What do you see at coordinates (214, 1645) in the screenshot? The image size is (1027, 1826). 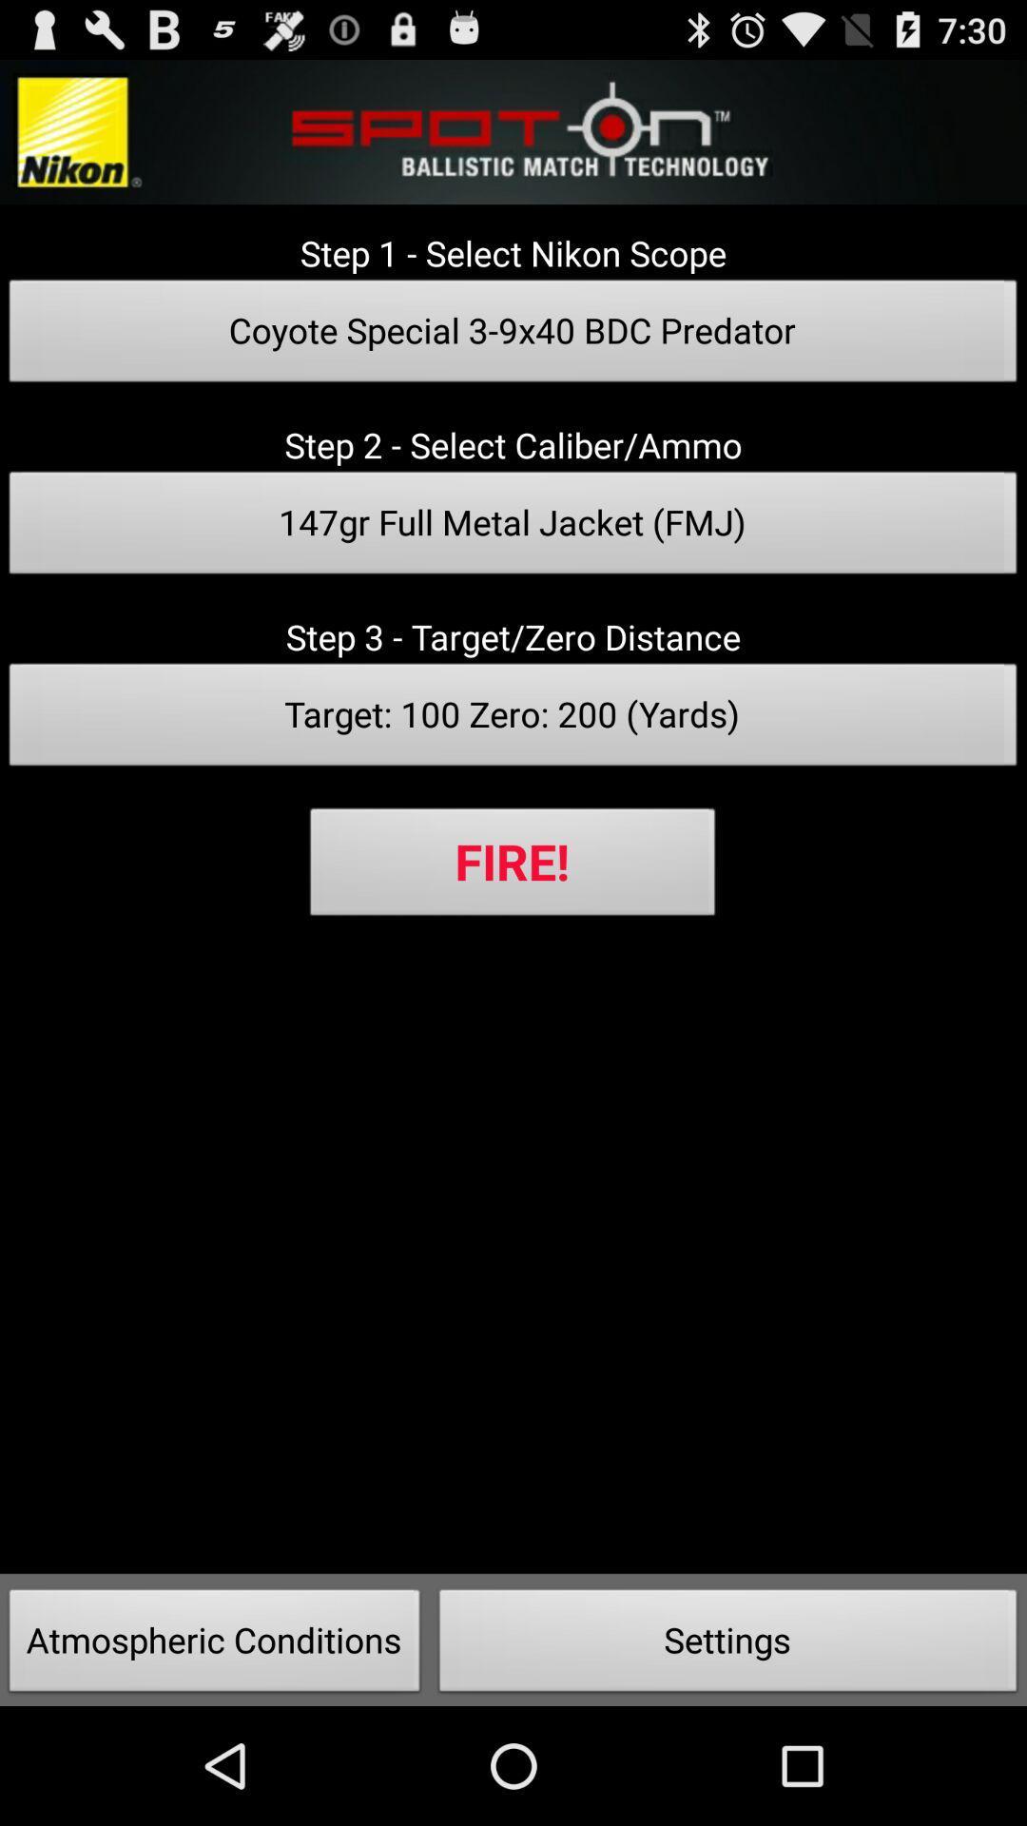 I see `the button next to the settings button` at bounding box center [214, 1645].